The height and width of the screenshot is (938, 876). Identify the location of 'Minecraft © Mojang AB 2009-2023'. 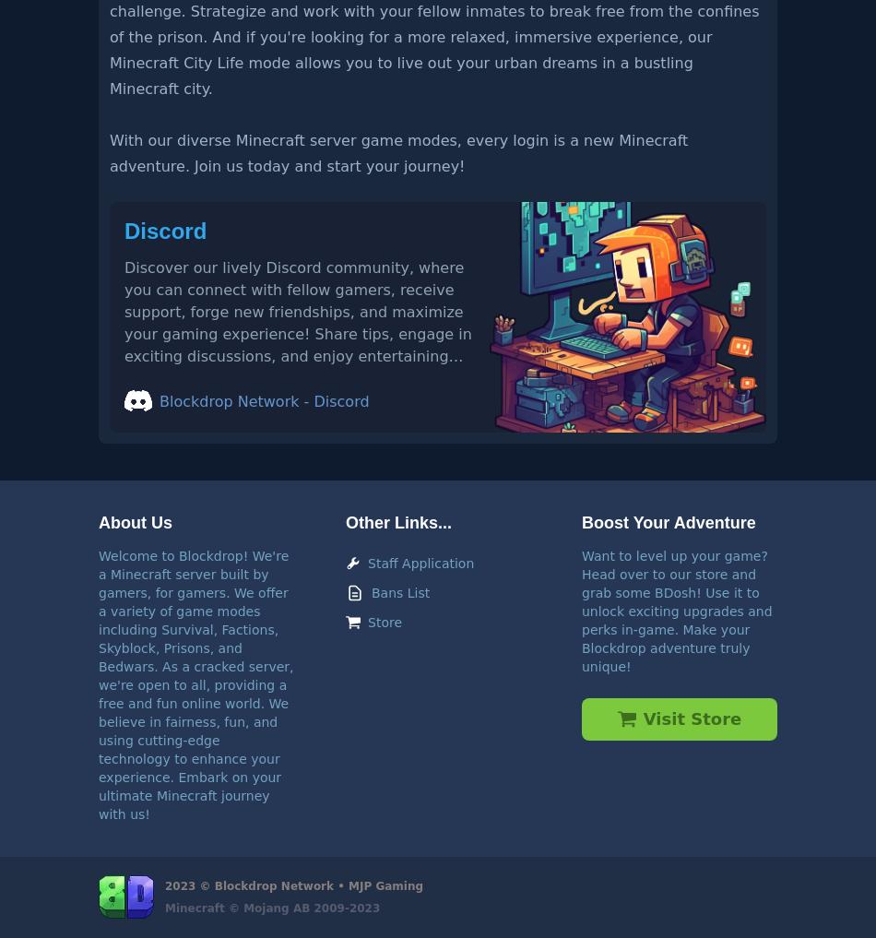
(164, 908).